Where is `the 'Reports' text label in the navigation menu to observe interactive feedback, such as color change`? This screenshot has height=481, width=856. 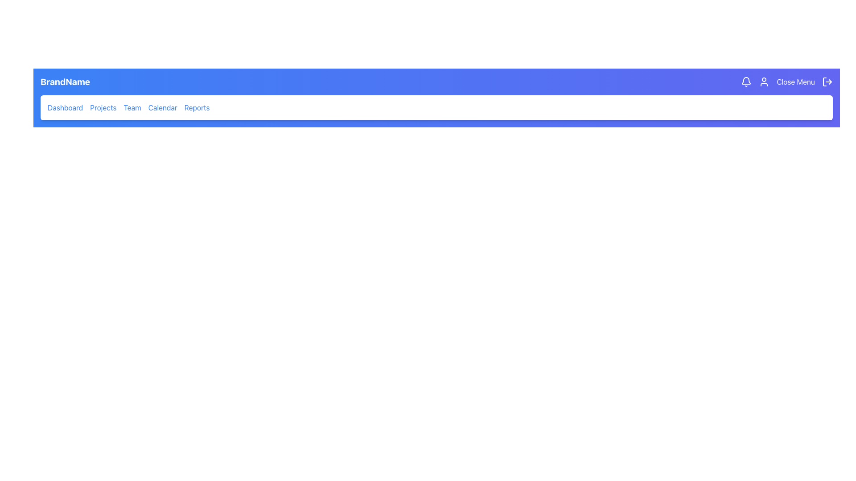
the 'Reports' text label in the navigation menu to observe interactive feedback, such as color change is located at coordinates (196, 107).